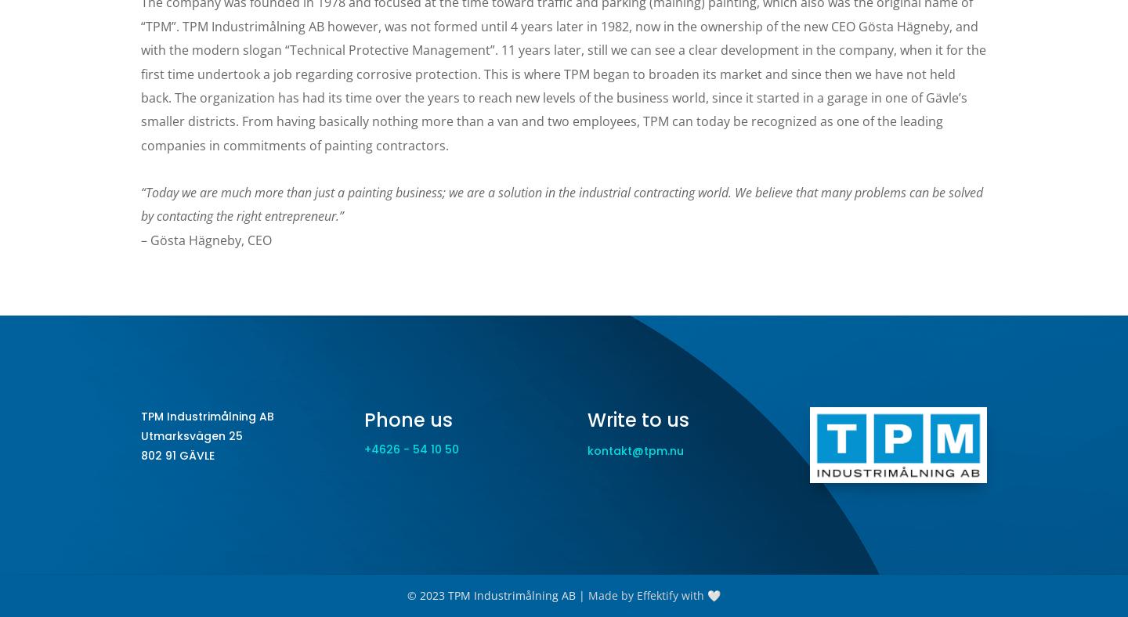 Image resolution: width=1128 pixels, height=617 pixels. I want to click on '– Gösta Hägneby, CEO', so click(205, 239).